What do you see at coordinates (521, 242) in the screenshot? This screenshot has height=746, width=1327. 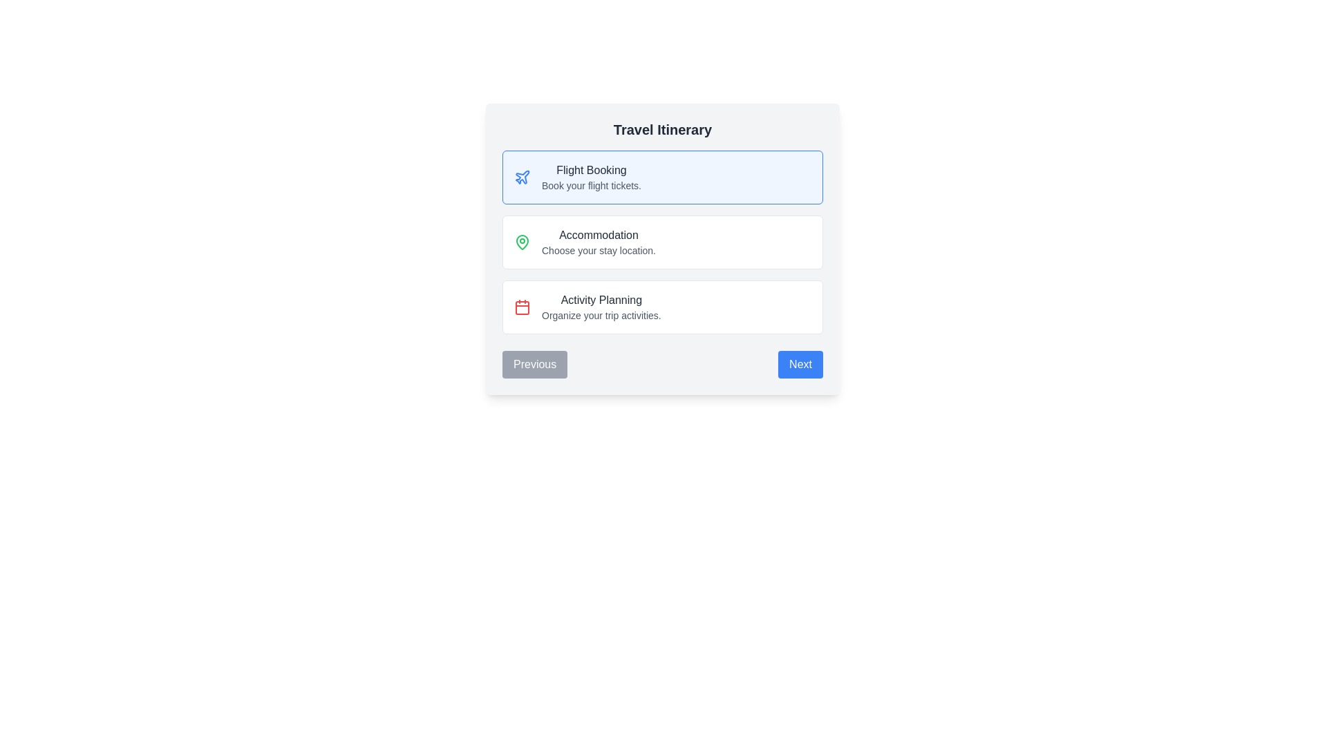 I see `the vibrant green map pin icon located in the 'Accommodation' panel, under the text 'Choose your stay location.'` at bounding box center [521, 242].